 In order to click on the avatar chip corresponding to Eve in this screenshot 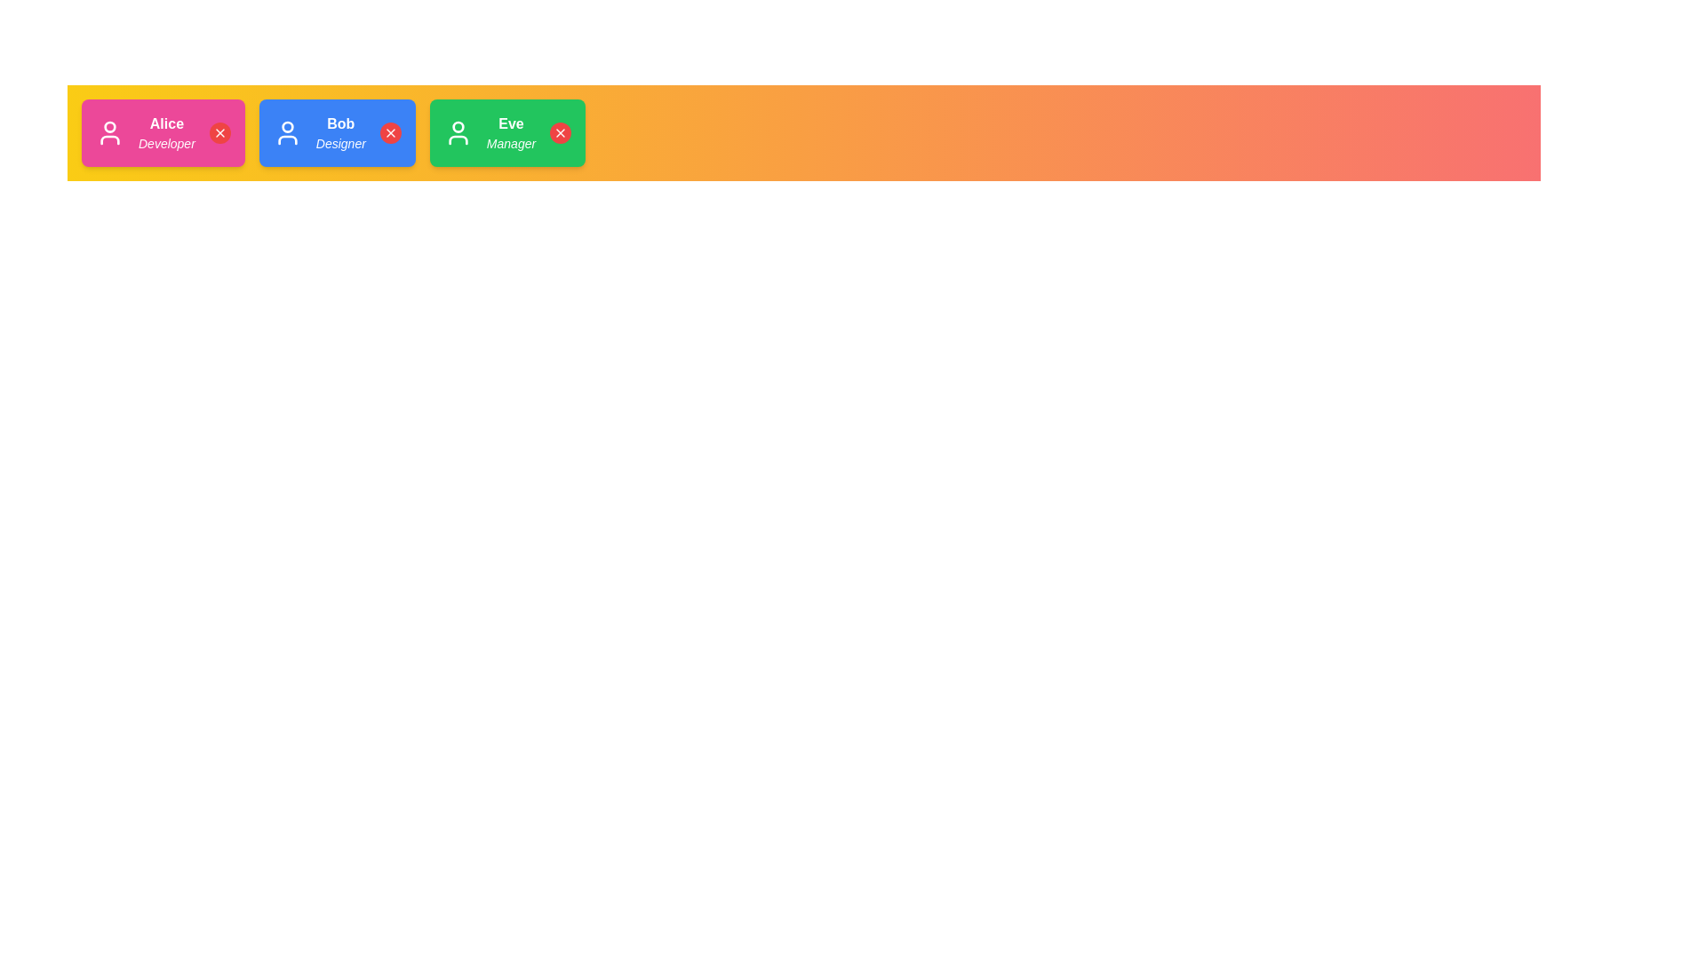, I will do `click(506, 132)`.